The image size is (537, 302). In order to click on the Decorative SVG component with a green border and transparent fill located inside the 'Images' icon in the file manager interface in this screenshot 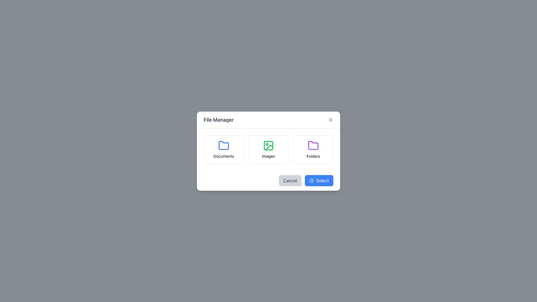, I will do `click(268, 145)`.